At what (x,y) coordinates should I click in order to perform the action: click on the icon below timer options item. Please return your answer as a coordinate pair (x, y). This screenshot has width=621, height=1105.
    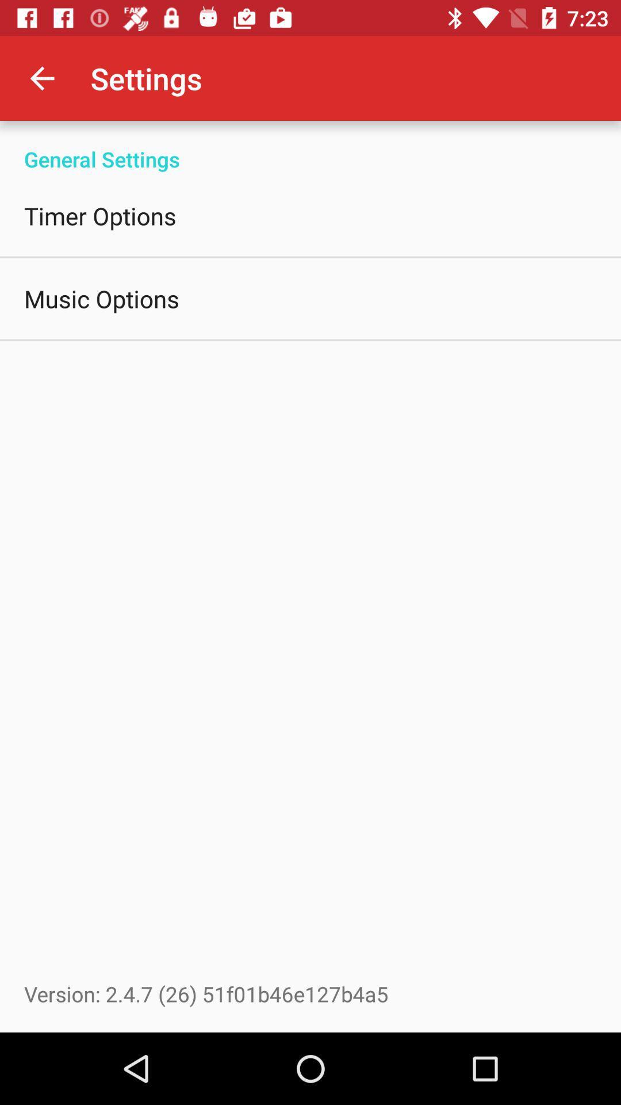
    Looking at the image, I should click on (101, 298).